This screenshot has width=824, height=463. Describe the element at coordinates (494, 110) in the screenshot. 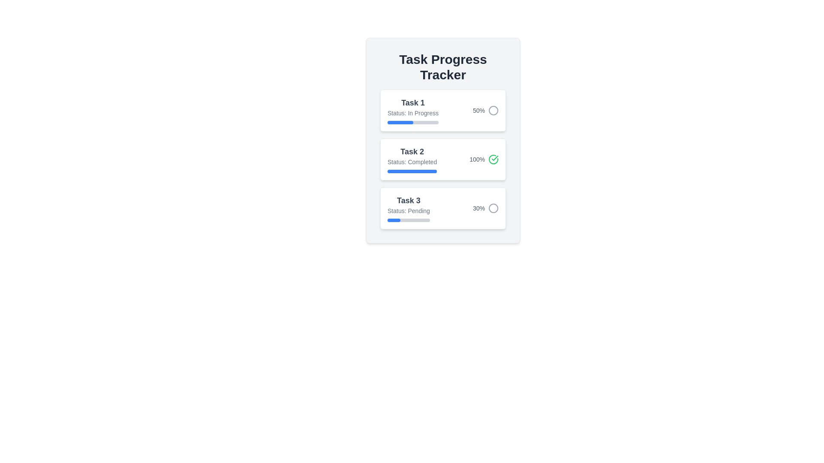

I see `the circular SVG graphic with a gray outline and white inner fill, located in the top-right corner of the first task item's box, next to the '50%' progress percentage` at that location.